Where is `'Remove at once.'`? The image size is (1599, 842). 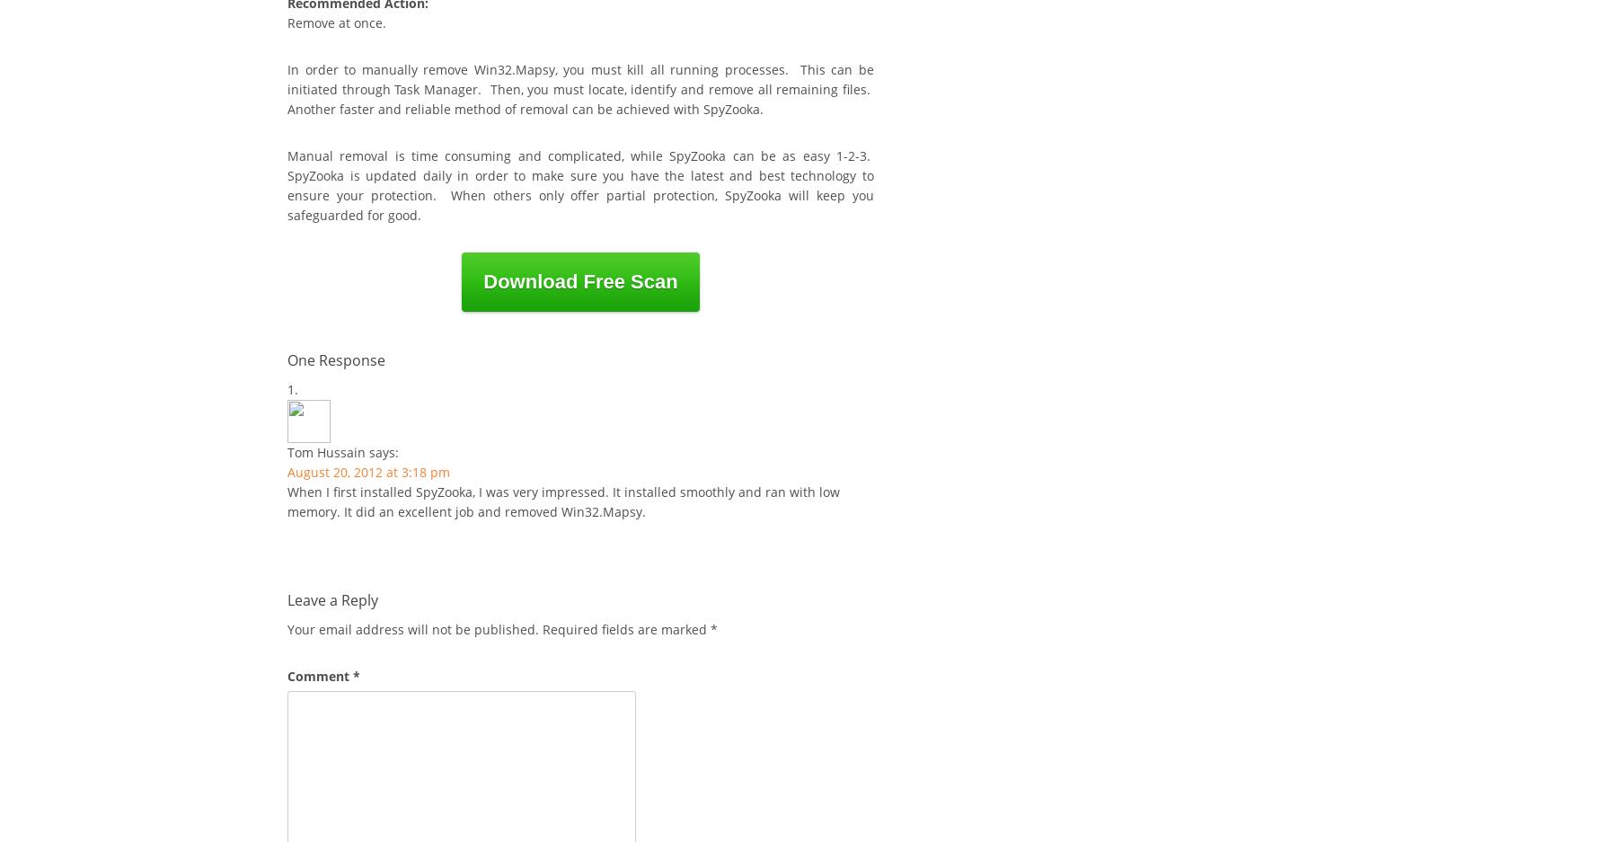
'Remove at once.' is located at coordinates (287, 22).